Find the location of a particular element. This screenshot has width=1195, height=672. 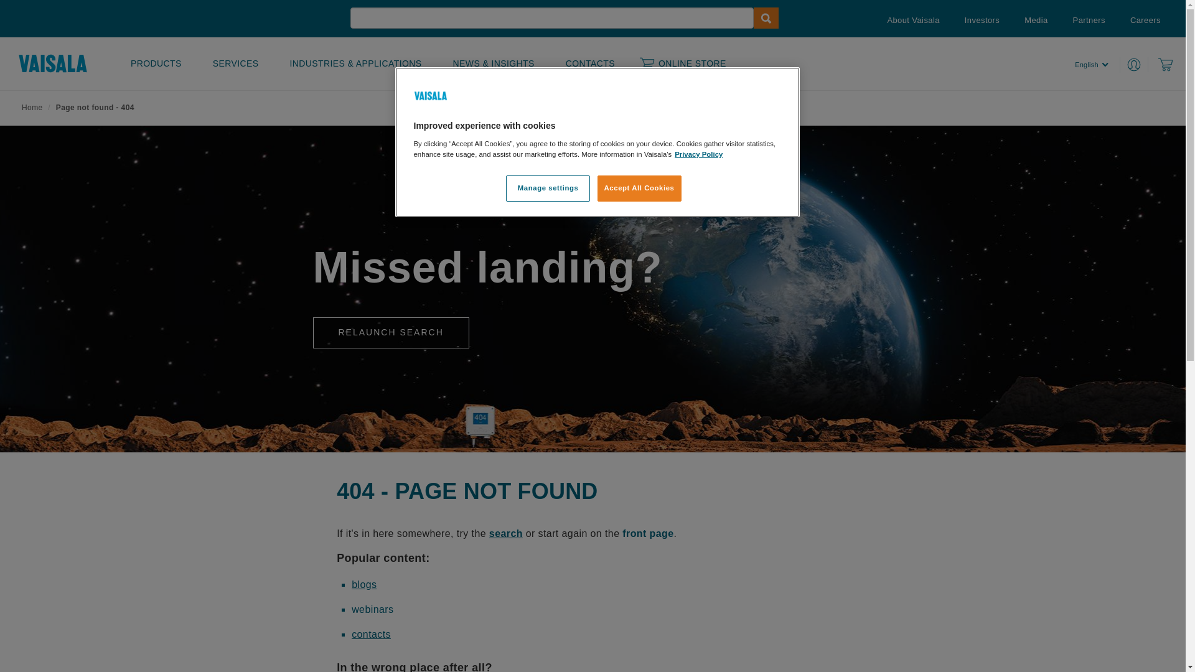

'Manage settings' is located at coordinates (548, 189).